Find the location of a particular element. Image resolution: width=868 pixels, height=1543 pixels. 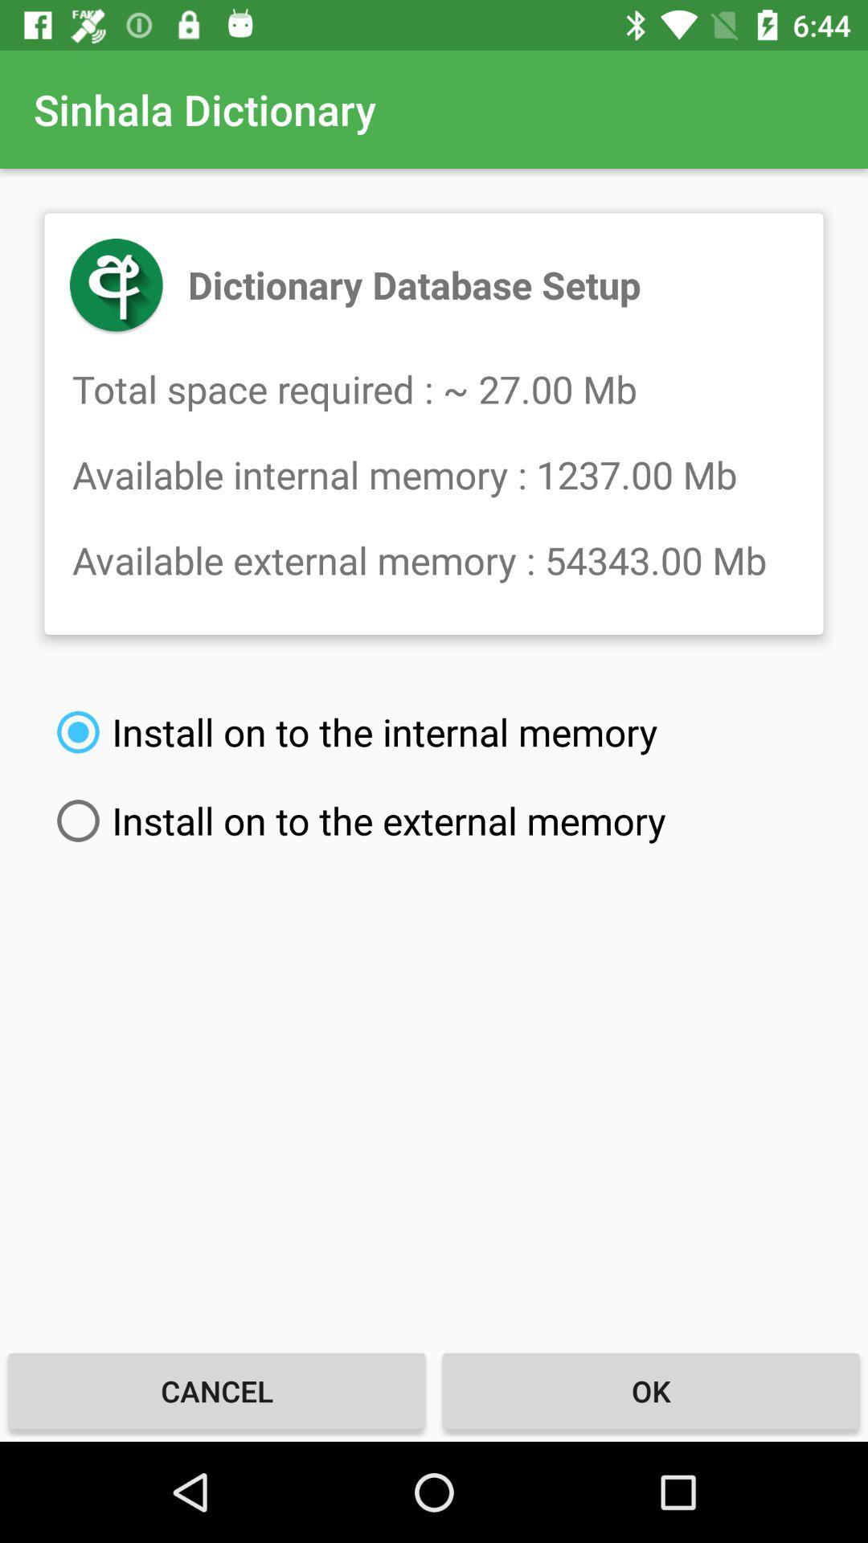

icon at the bottom right corner is located at coordinates (651, 1390).